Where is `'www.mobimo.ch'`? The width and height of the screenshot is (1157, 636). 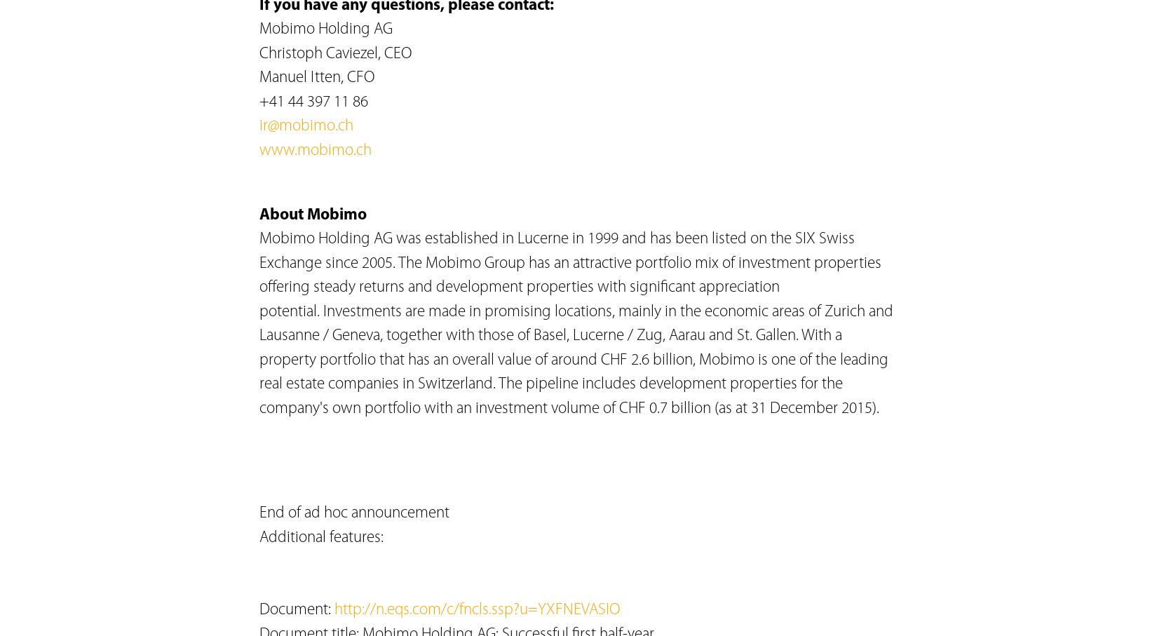
'www.mobimo.ch' is located at coordinates (314, 150).